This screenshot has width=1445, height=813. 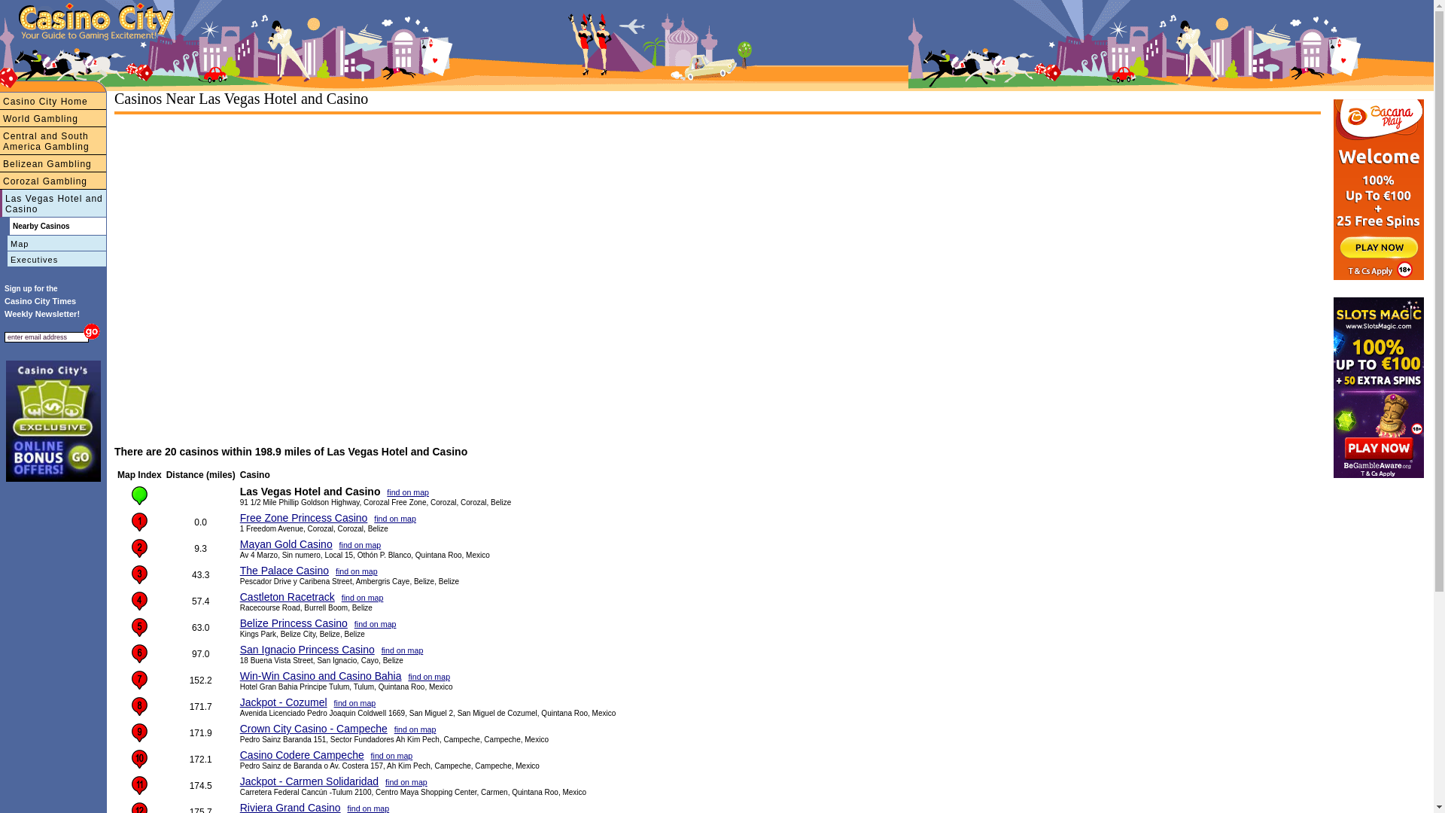 What do you see at coordinates (35, 60) in the screenshot?
I see `'Executives'` at bounding box center [35, 60].